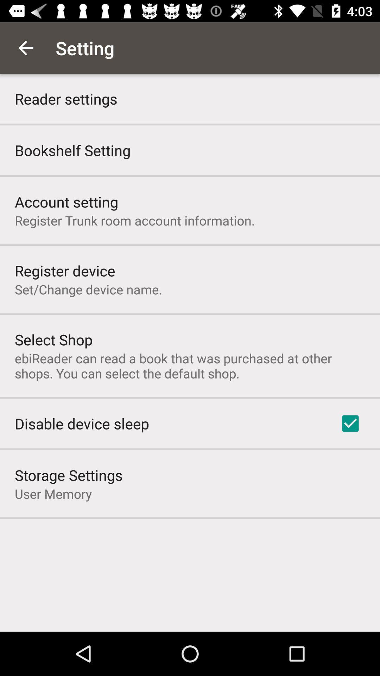 This screenshot has width=380, height=676. I want to click on storage settings icon, so click(69, 475).